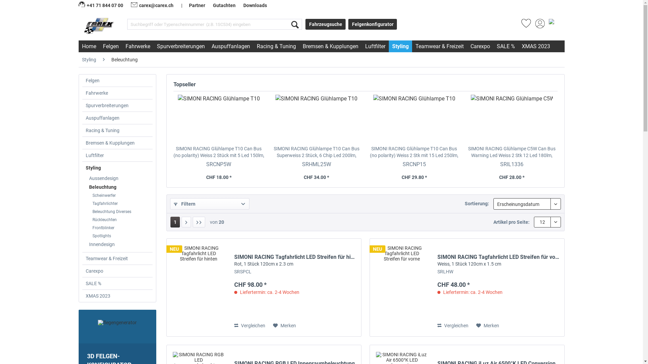 This screenshot has width=648, height=364. What do you see at coordinates (121, 203) in the screenshot?
I see `'Tagfahrlichter'` at bounding box center [121, 203].